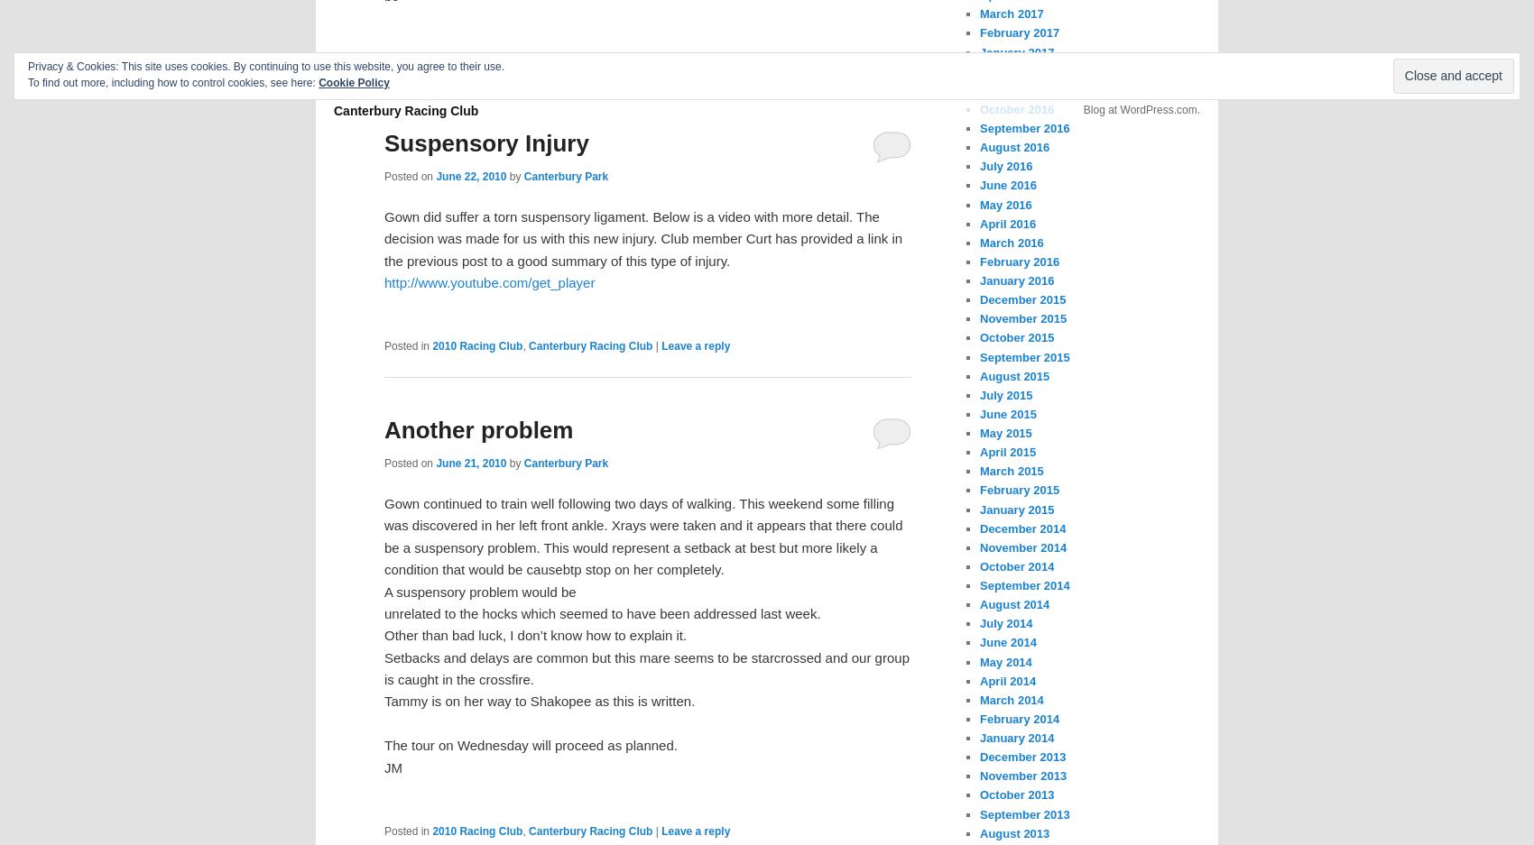  Describe the element at coordinates (479, 590) in the screenshot. I see `'A suspensory problem would be'` at that location.